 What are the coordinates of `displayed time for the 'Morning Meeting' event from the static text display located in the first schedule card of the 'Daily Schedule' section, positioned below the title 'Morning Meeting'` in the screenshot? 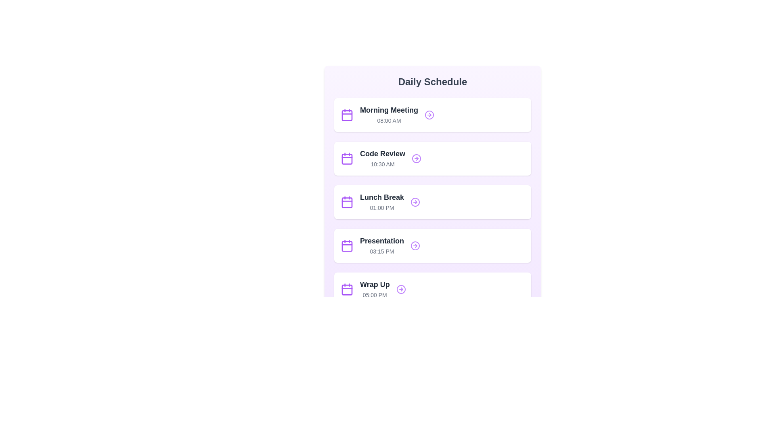 It's located at (389, 121).